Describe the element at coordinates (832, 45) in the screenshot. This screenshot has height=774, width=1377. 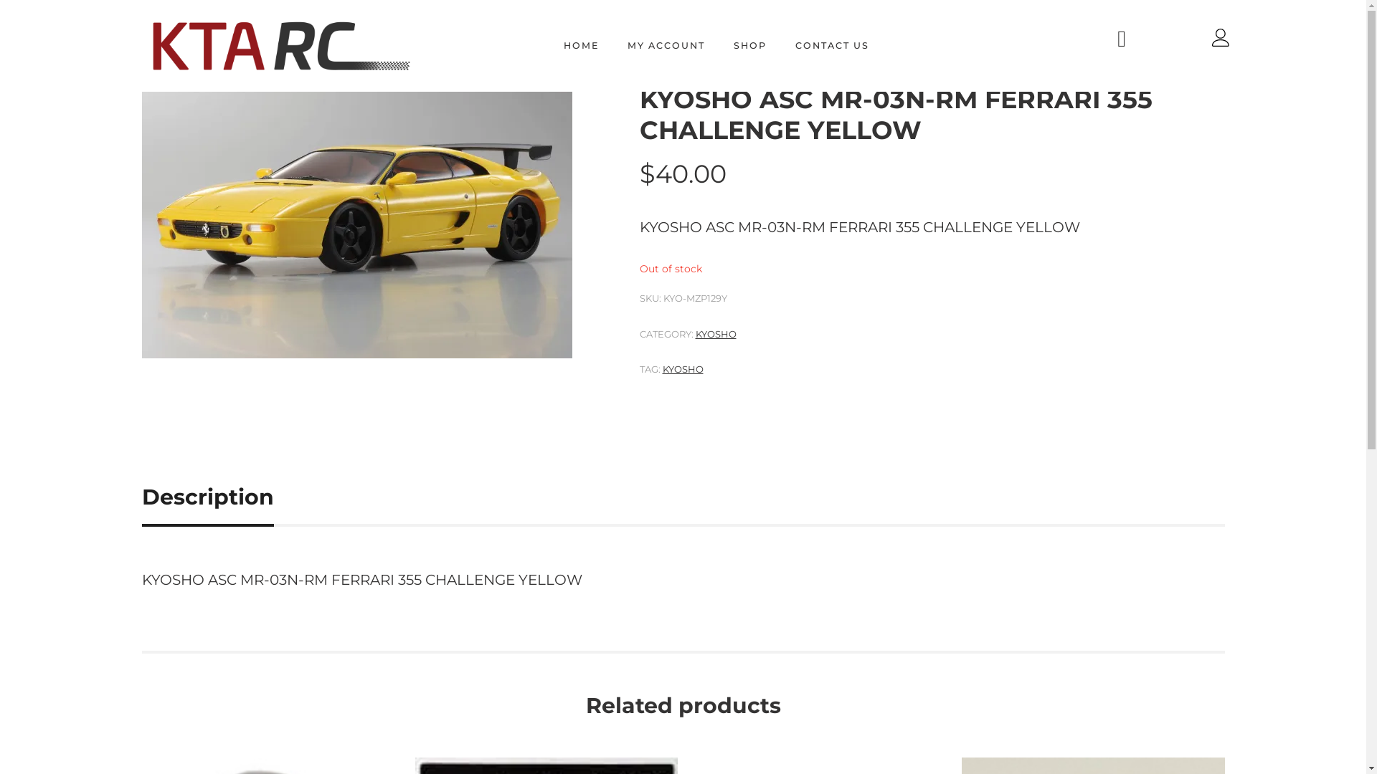
I see `'CONTACT US'` at that location.